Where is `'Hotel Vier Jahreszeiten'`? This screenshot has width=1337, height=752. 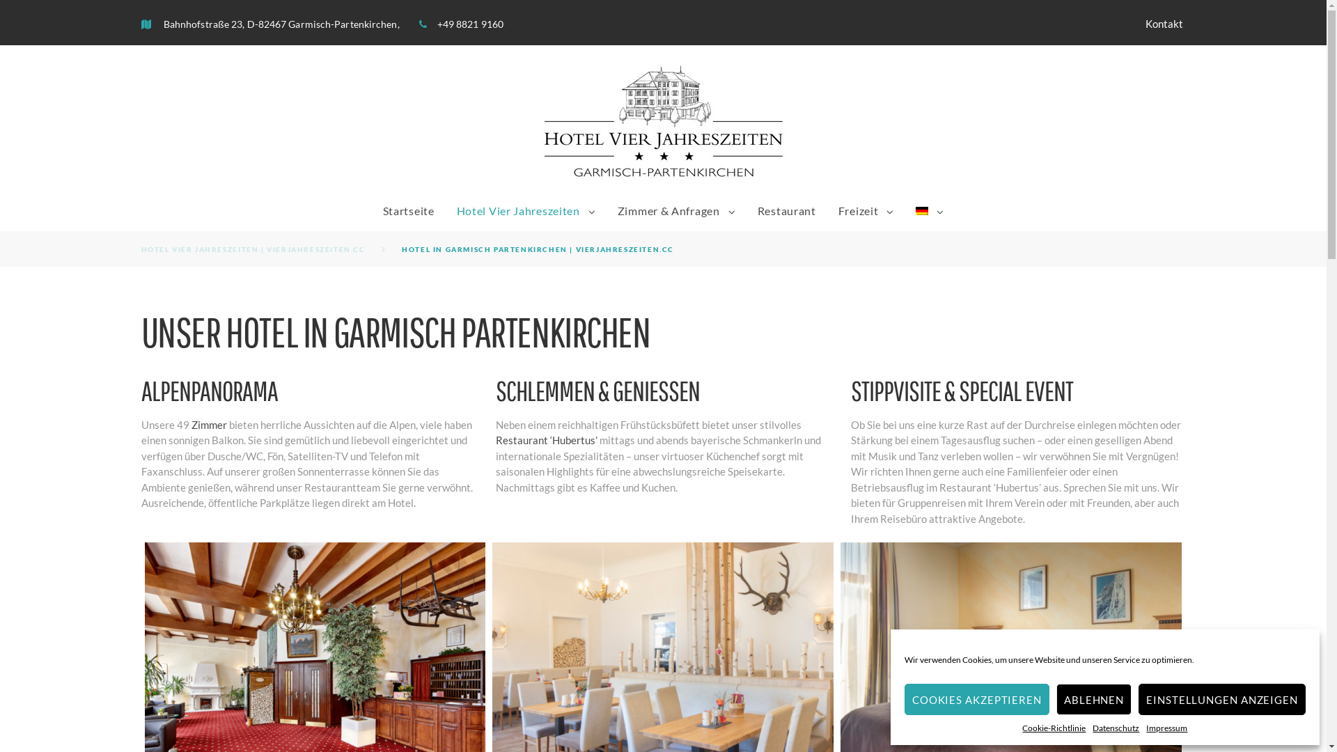
'Hotel Vier Jahreszeiten' is located at coordinates (517, 210).